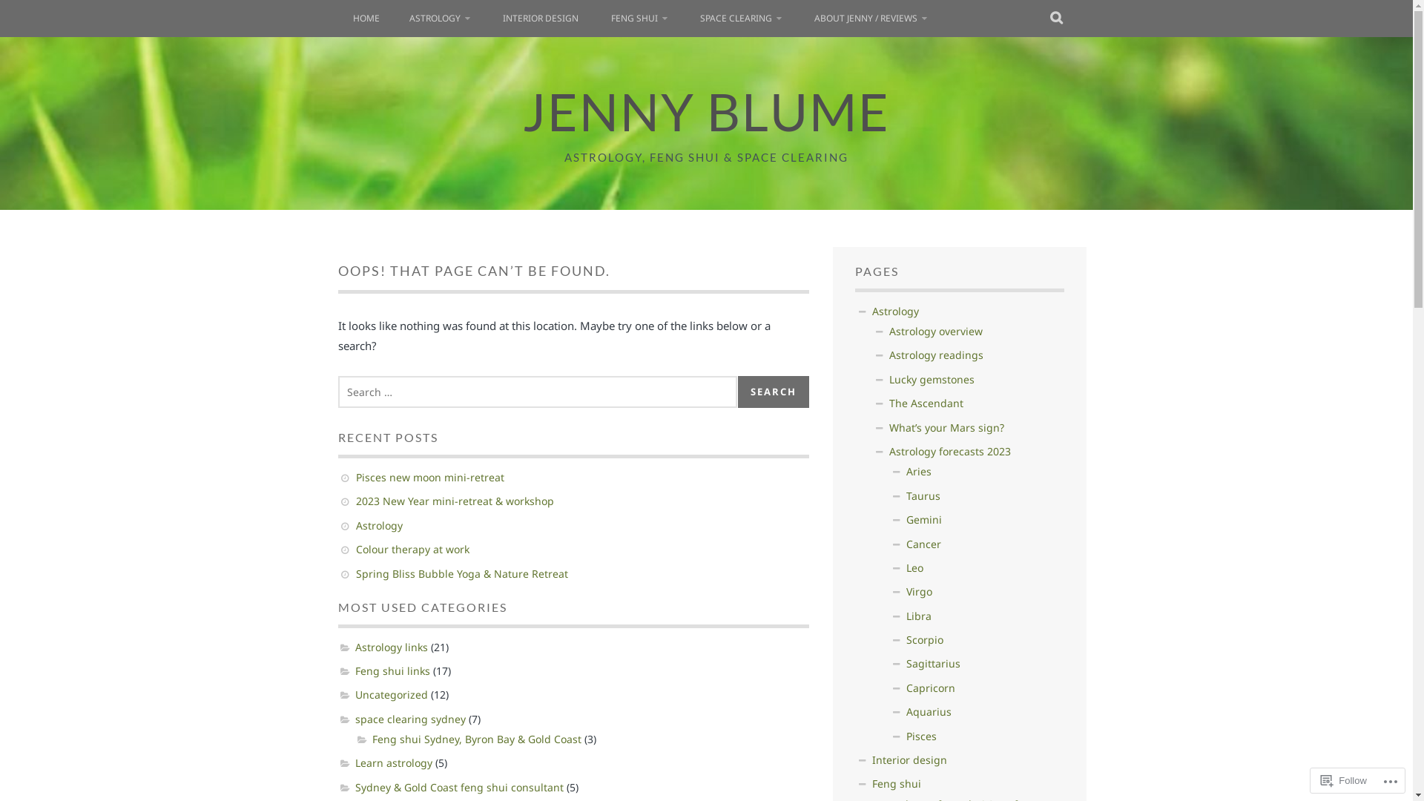  What do you see at coordinates (906, 639) in the screenshot?
I see `'Scorpio'` at bounding box center [906, 639].